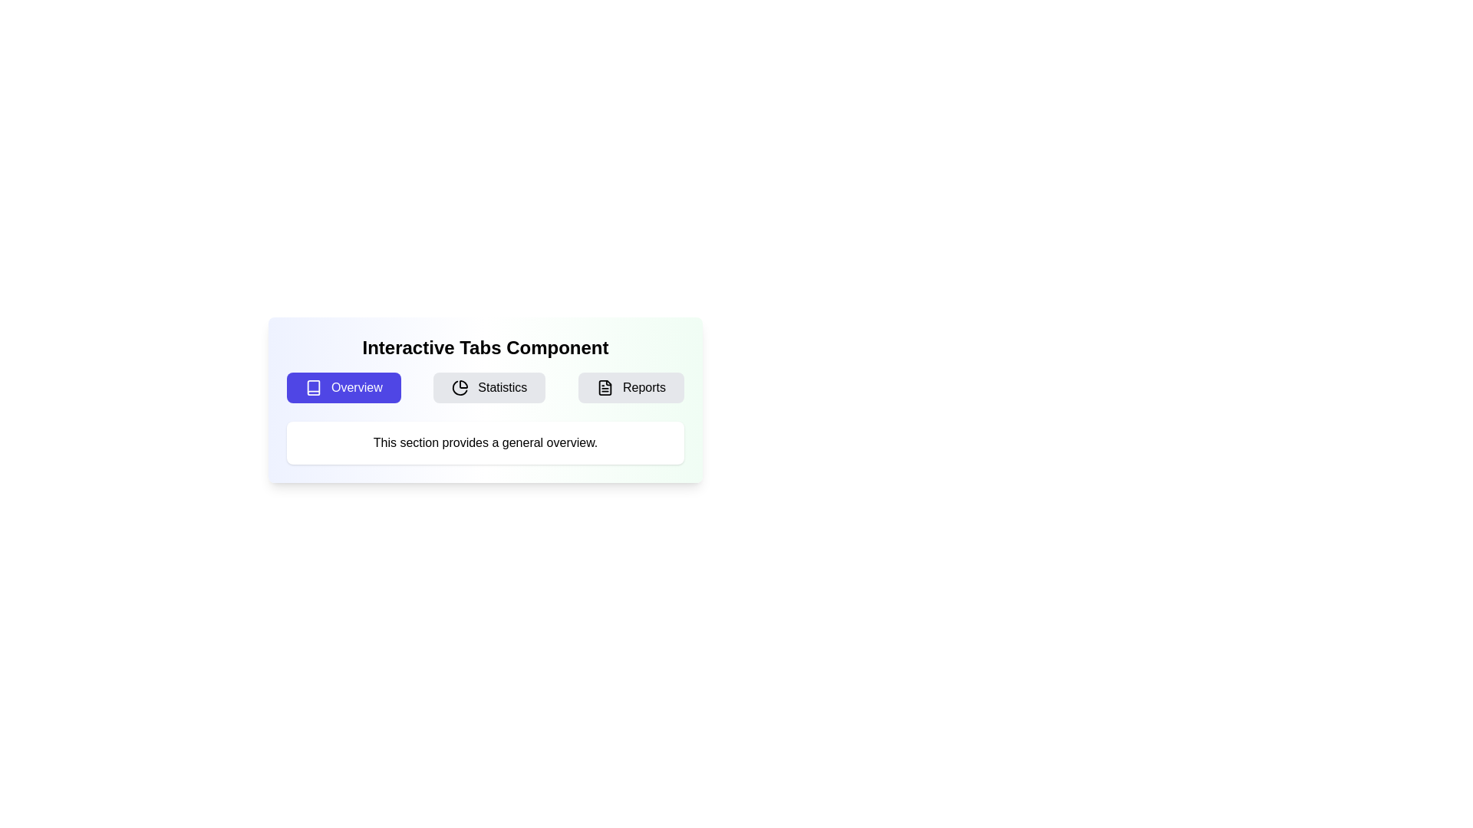 The image size is (1473, 828). What do you see at coordinates (489, 386) in the screenshot?
I see `the 'Statistics' button located between 'Overview' and 'Reports'` at bounding box center [489, 386].